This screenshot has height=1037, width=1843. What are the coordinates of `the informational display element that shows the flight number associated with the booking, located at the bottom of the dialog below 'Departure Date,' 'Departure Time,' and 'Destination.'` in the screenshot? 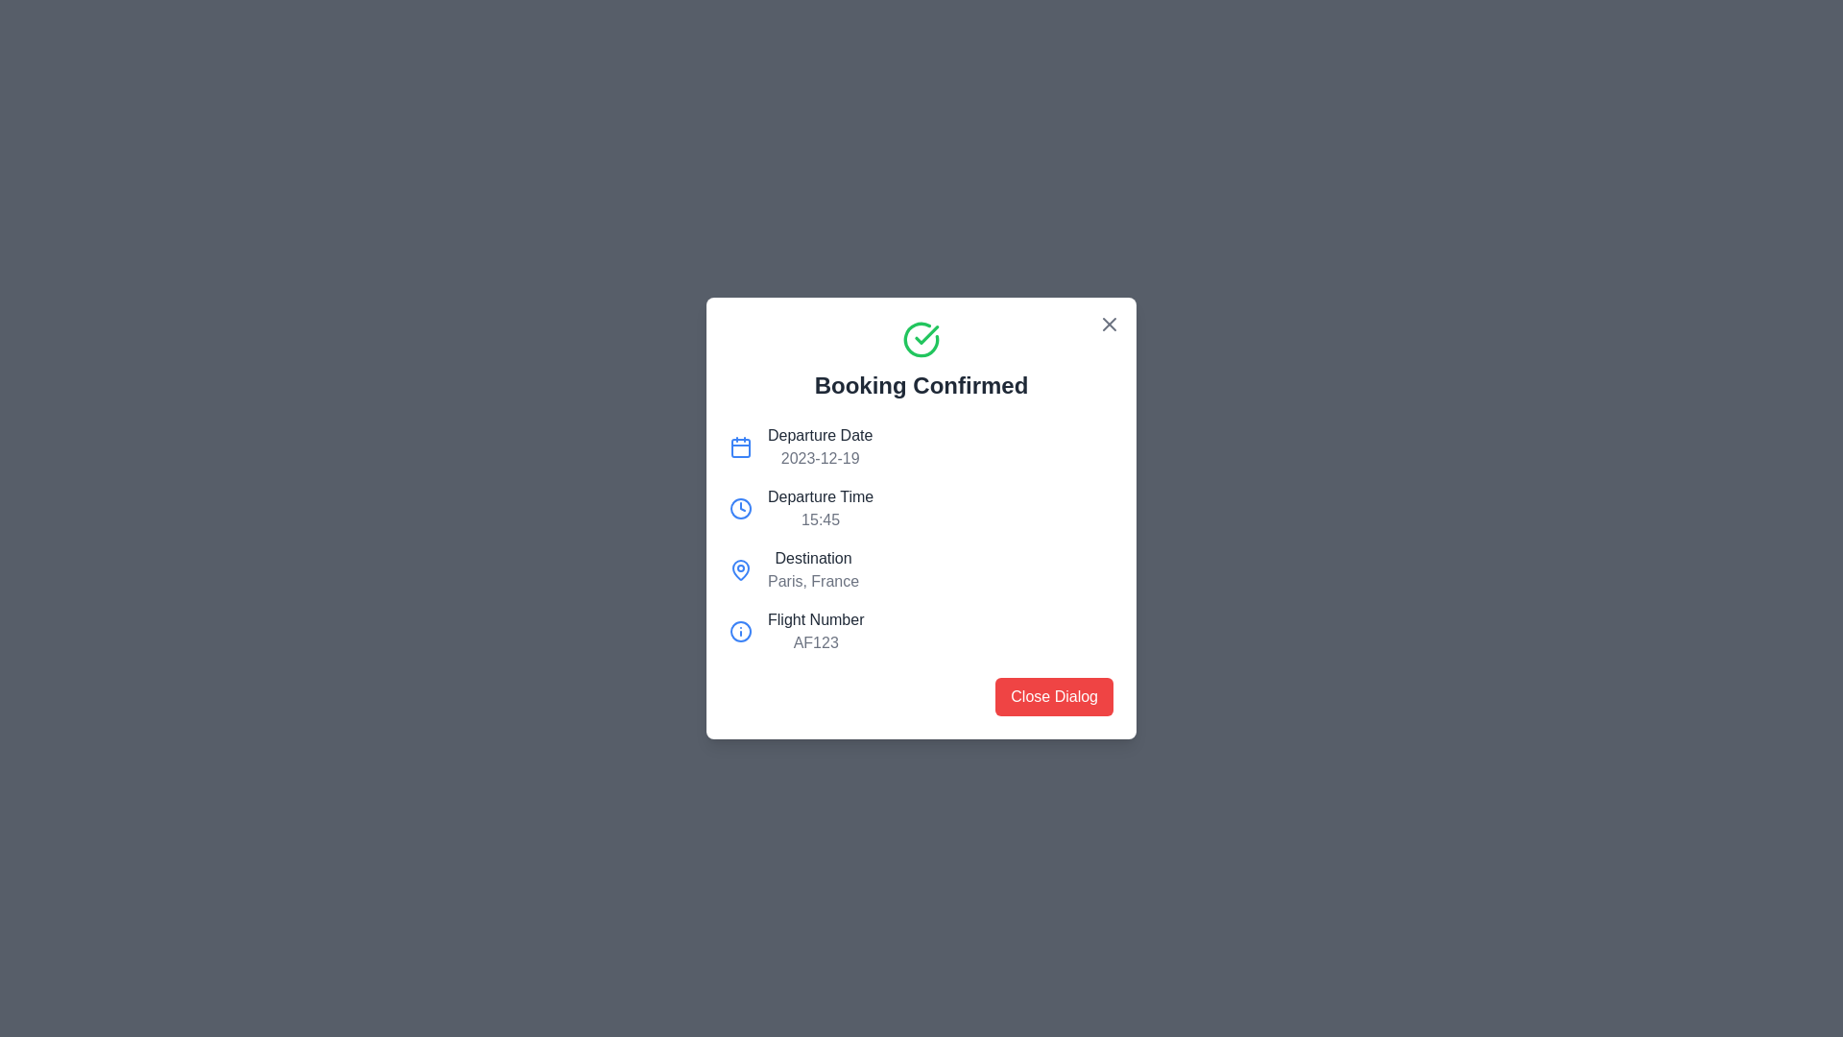 It's located at (921, 632).